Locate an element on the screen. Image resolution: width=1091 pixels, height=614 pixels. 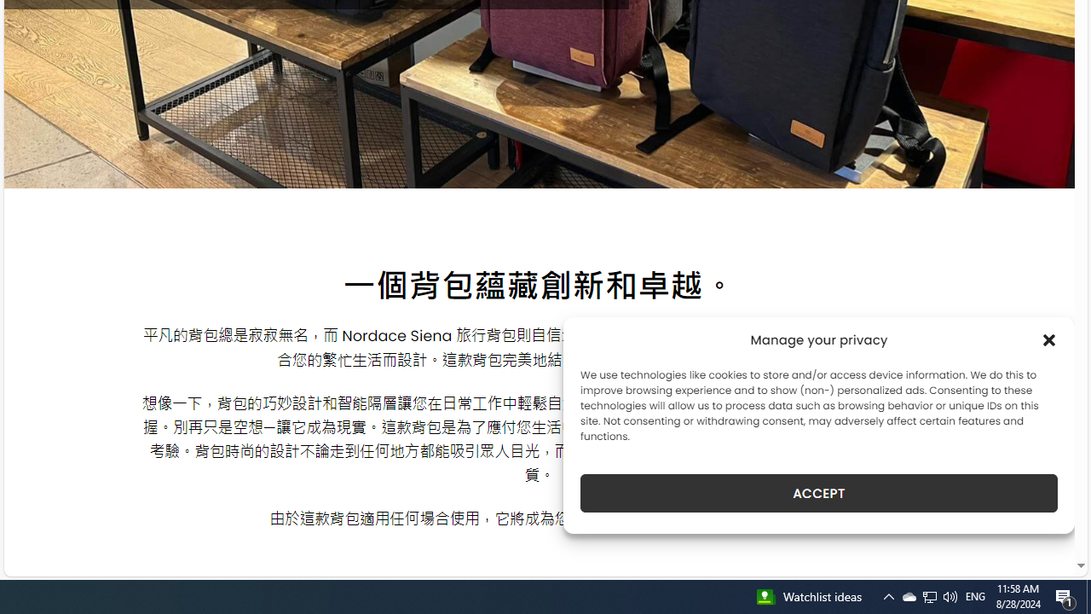
'Class: cmplz-close' is located at coordinates (1048, 339).